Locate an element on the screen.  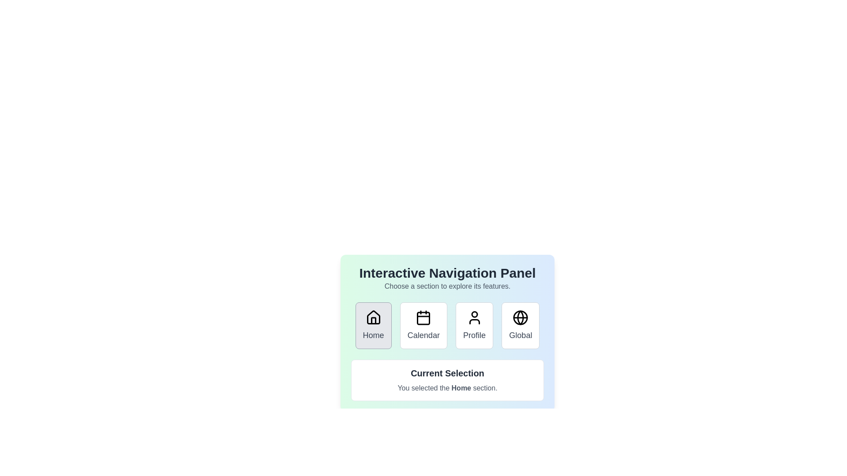
text label displaying 'Home' to understand the current selection in the 'Current Selection' section of the interface is located at coordinates (461, 387).